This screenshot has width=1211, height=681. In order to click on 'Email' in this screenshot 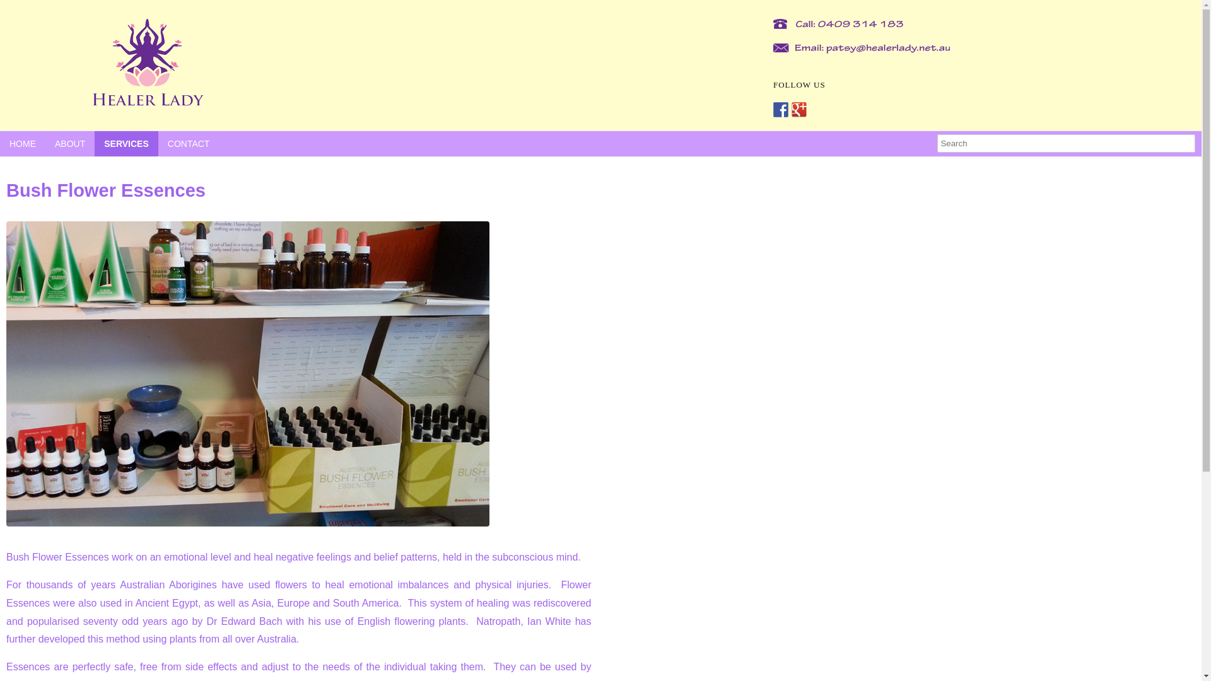, I will do `click(858, 48)`.